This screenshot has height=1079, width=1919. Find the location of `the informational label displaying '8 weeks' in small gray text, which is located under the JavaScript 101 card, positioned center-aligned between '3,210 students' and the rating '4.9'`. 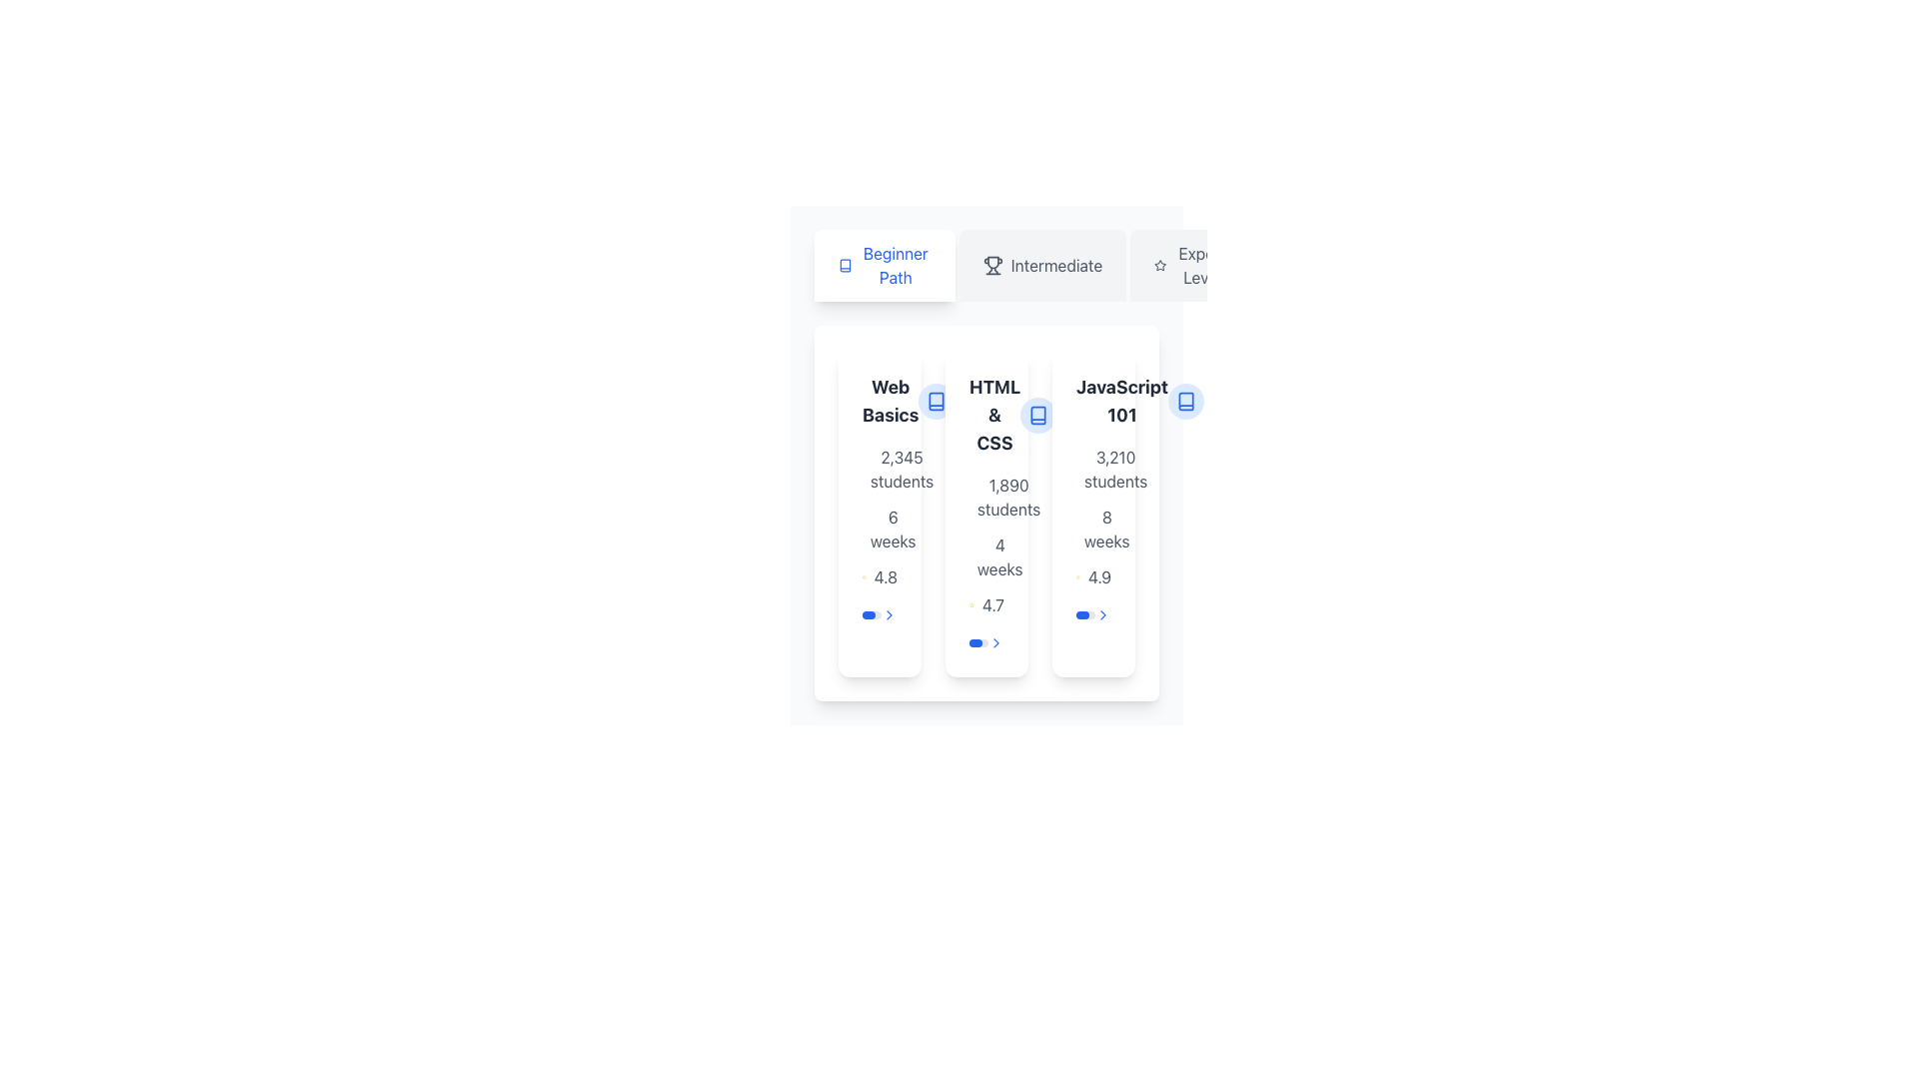

the informational label displaying '8 weeks' in small gray text, which is located under the JavaScript 101 card, positioned center-aligned between '3,210 students' and the rating '4.9' is located at coordinates (1092, 528).